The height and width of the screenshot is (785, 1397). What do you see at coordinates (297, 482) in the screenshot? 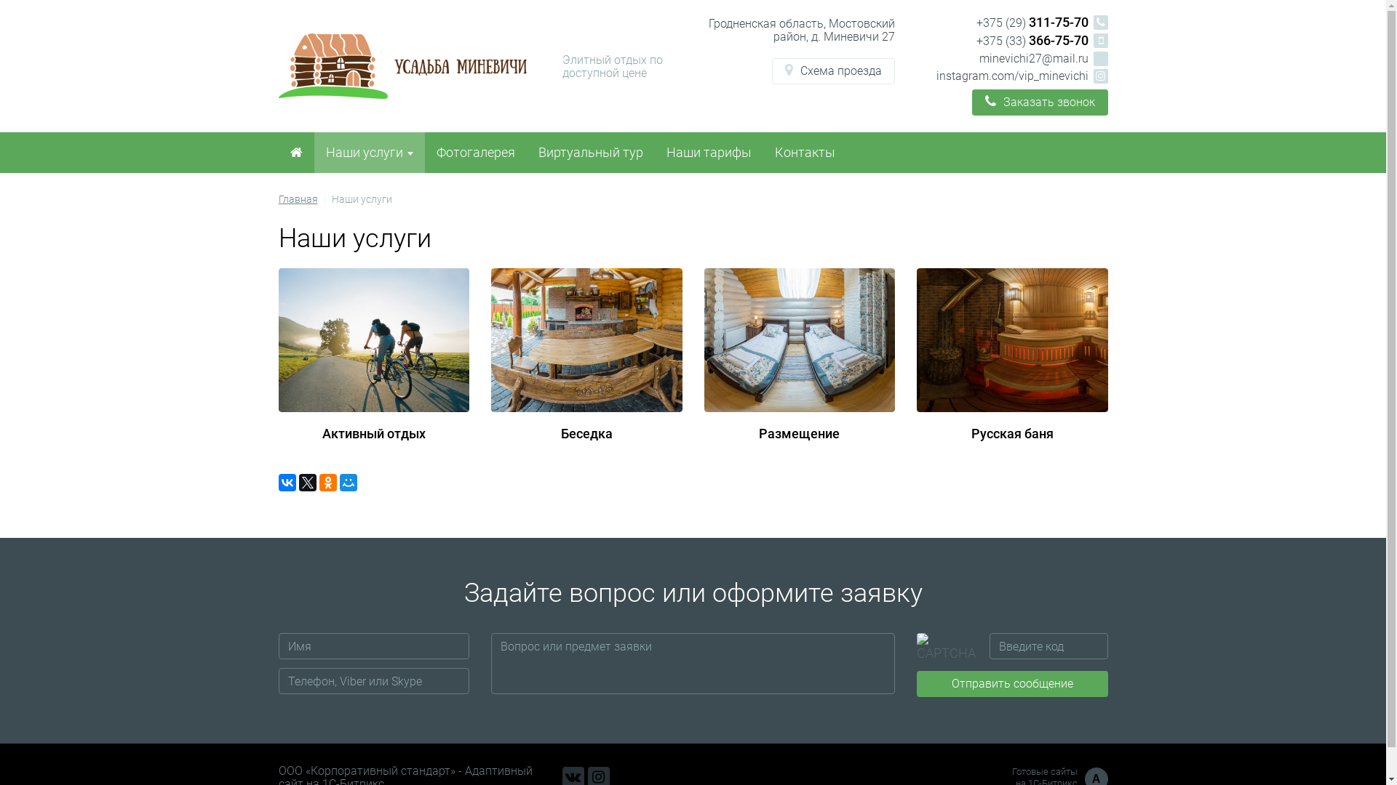
I see `'Twitter'` at bounding box center [297, 482].